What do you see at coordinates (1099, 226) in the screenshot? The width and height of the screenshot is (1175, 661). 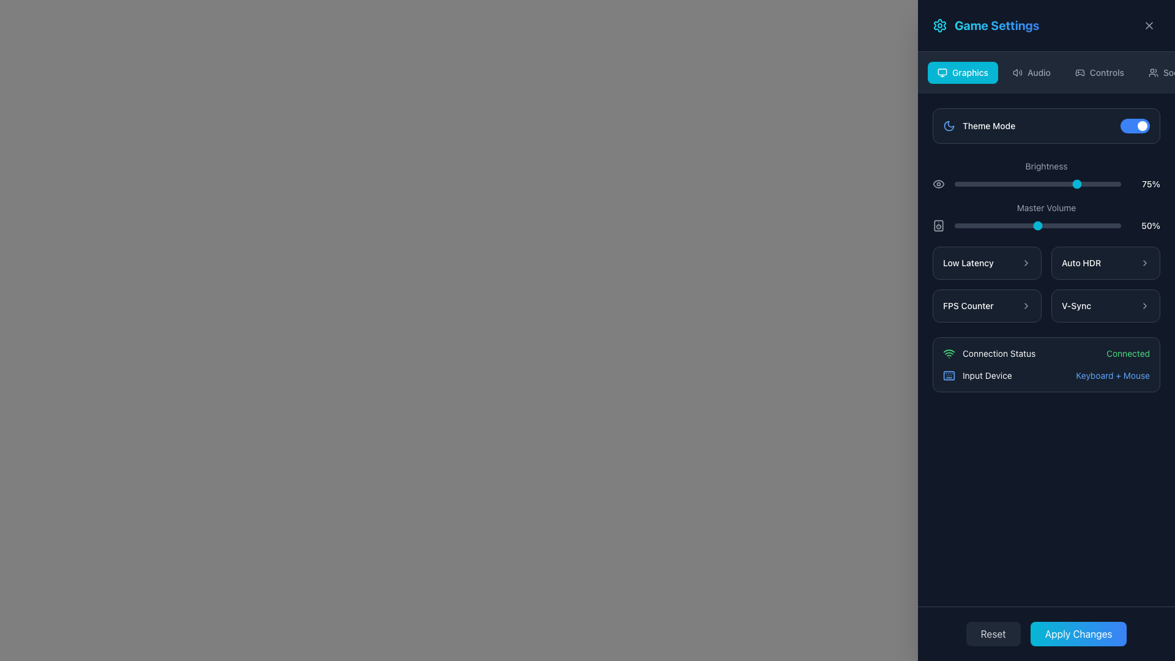 I see `the Master Volume` at bounding box center [1099, 226].